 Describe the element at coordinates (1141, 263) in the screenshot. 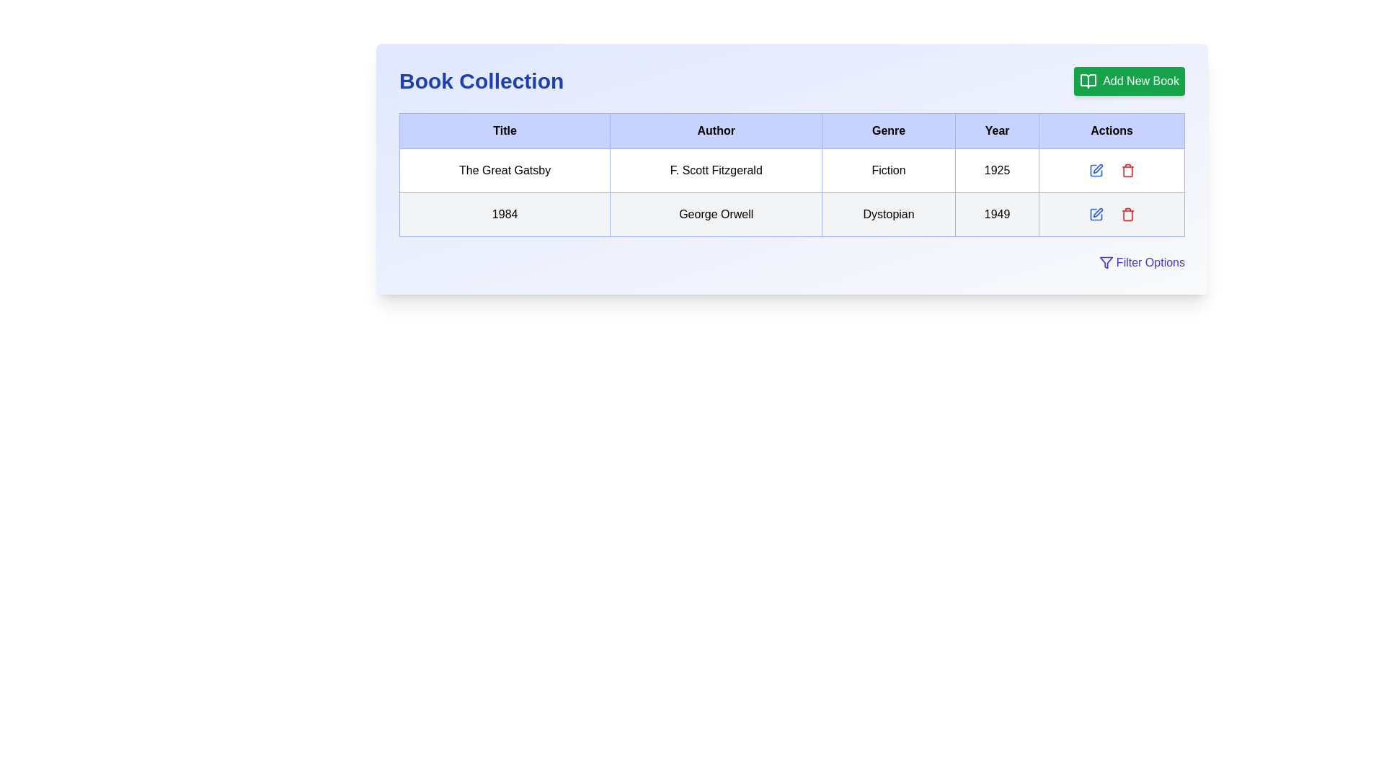

I see `the interactive button or link in the bottom-right corner of the interface` at that location.